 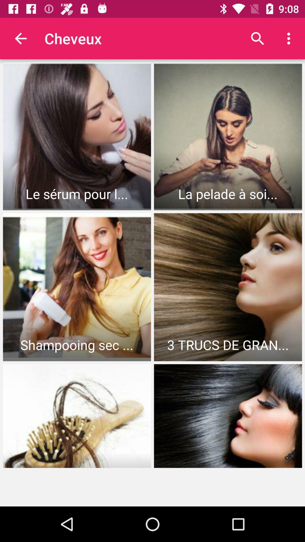 I want to click on the second image from top, so click(x=228, y=136).